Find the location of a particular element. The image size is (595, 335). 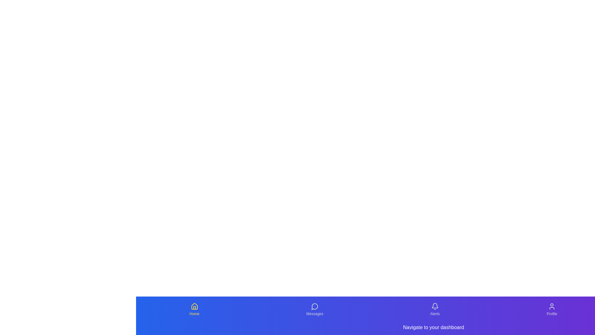

the Profile tab to observe its hover effect is located at coordinates (552, 310).